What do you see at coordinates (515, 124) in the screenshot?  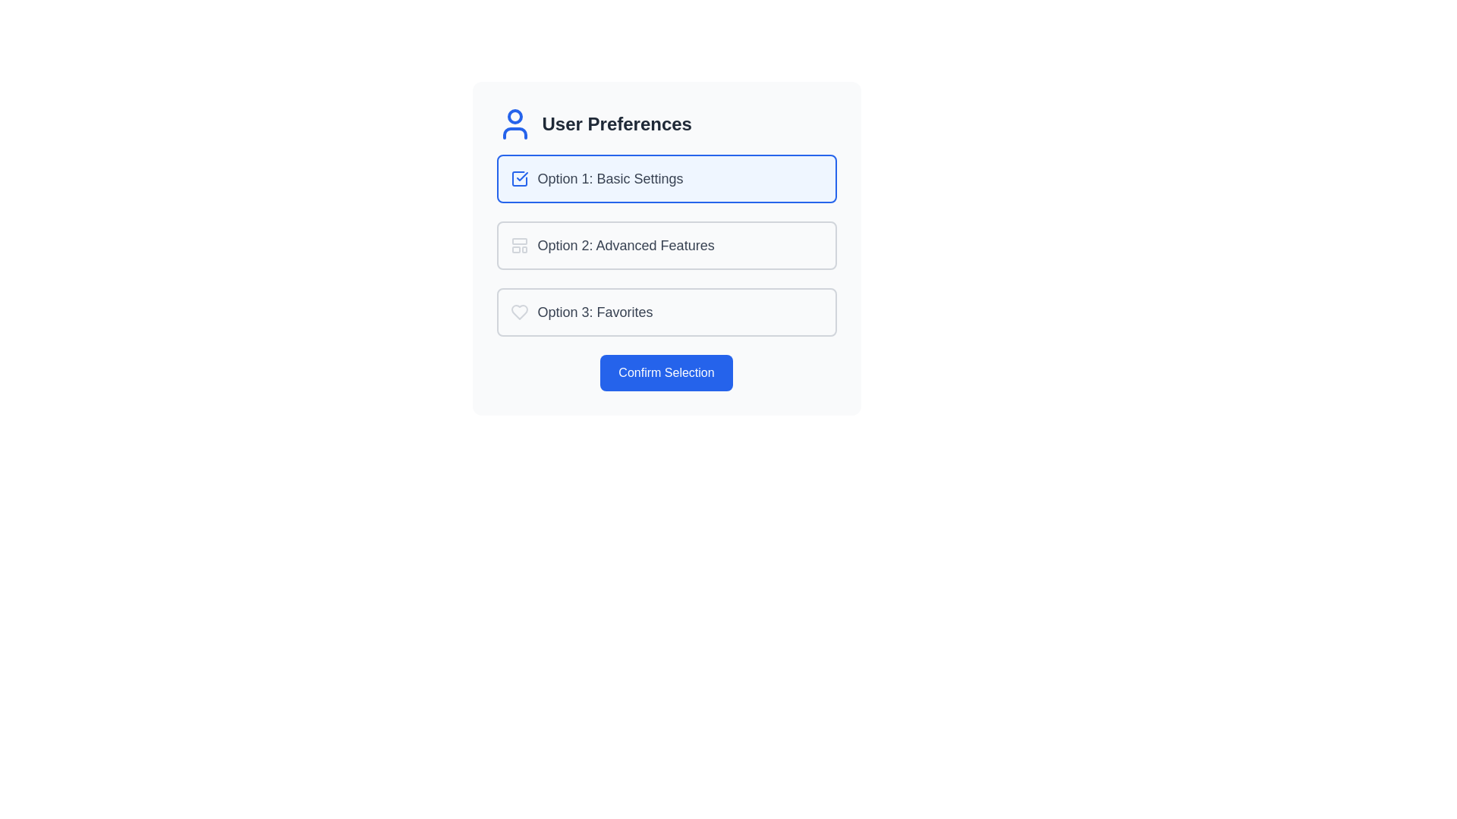 I see `the blue outline person icon that is positioned adjacent to the text 'User Preferences'` at bounding box center [515, 124].